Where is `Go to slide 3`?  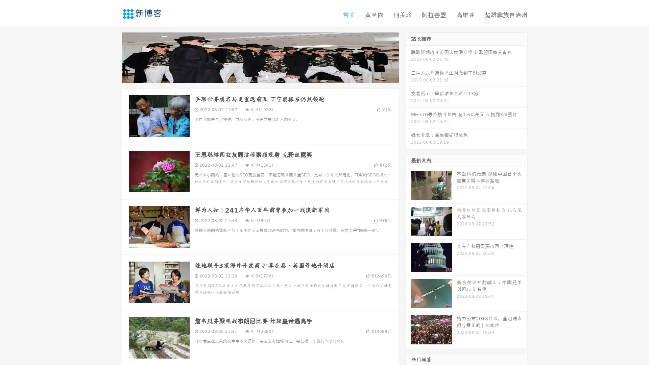 Go to slide 3 is located at coordinates (267, 76).